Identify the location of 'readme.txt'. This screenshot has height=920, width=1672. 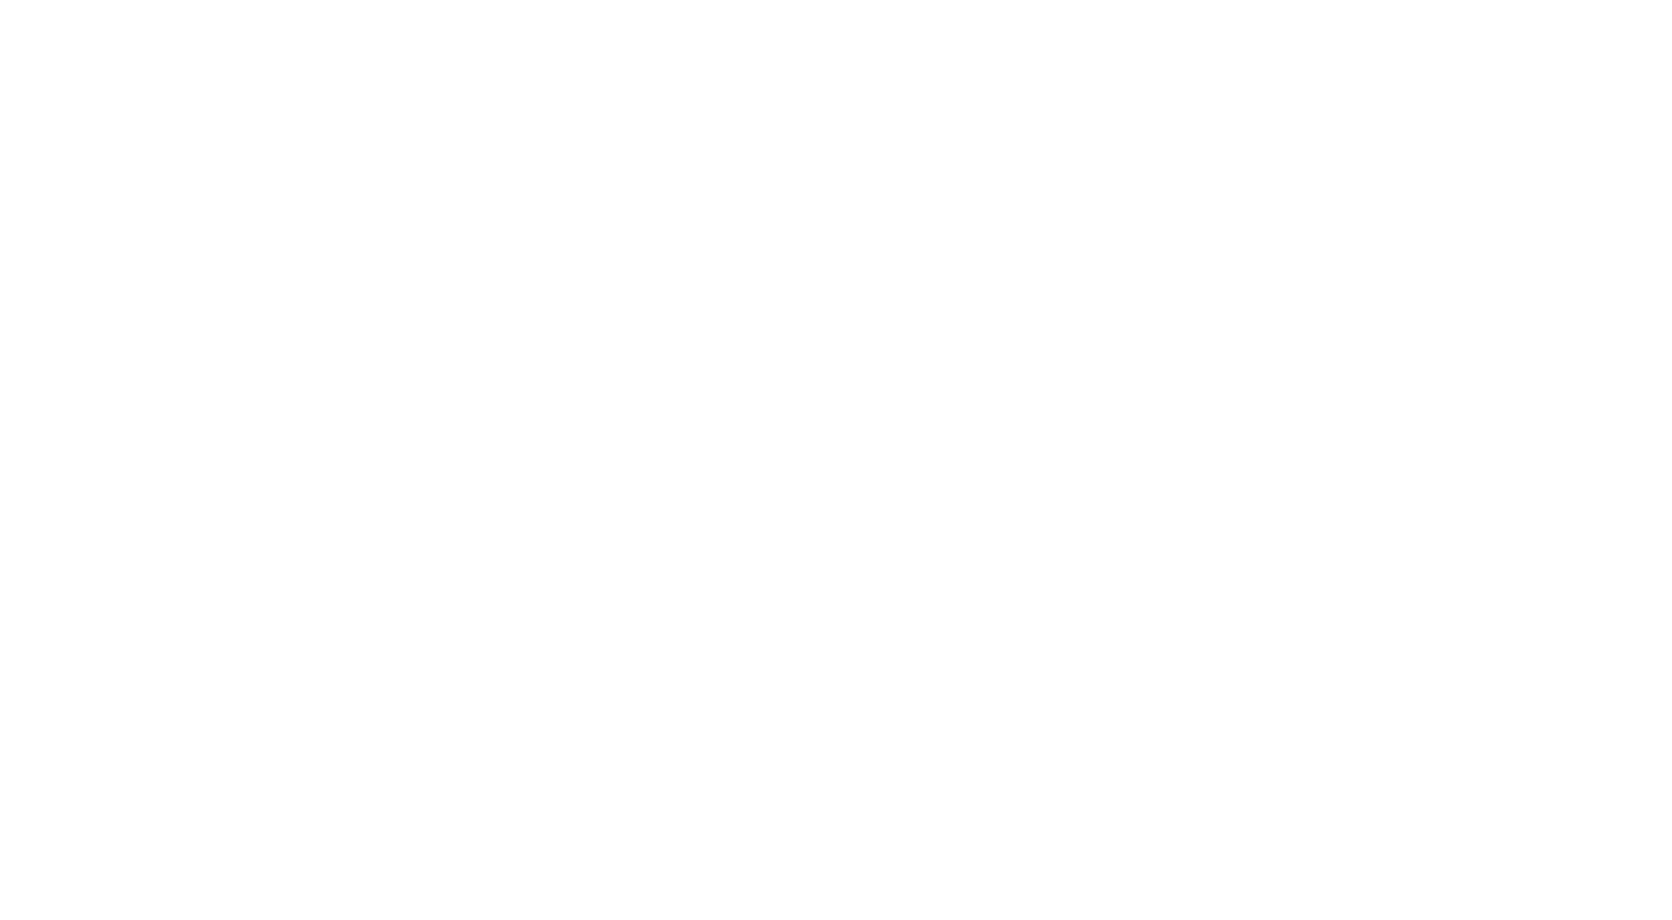
(641, 773).